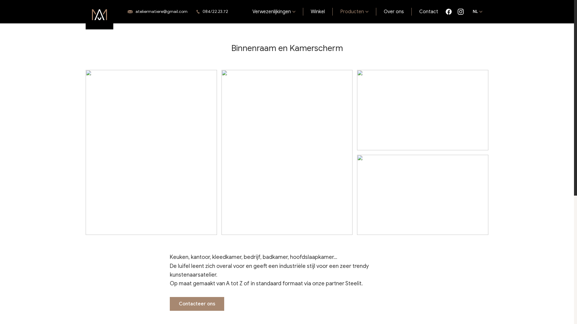 This screenshot has width=577, height=324. I want to click on 'Instagram', so click(457, 11).